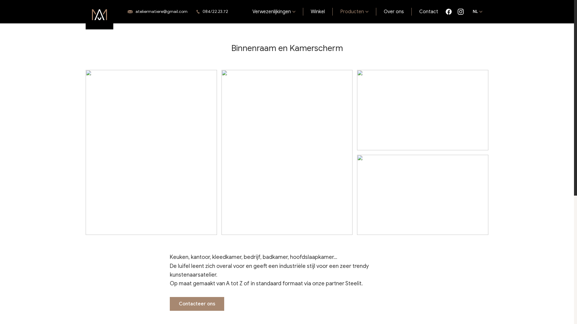 This screenshot has width=577, height=324. I want to click on 'Instagram', so click(457, 11).